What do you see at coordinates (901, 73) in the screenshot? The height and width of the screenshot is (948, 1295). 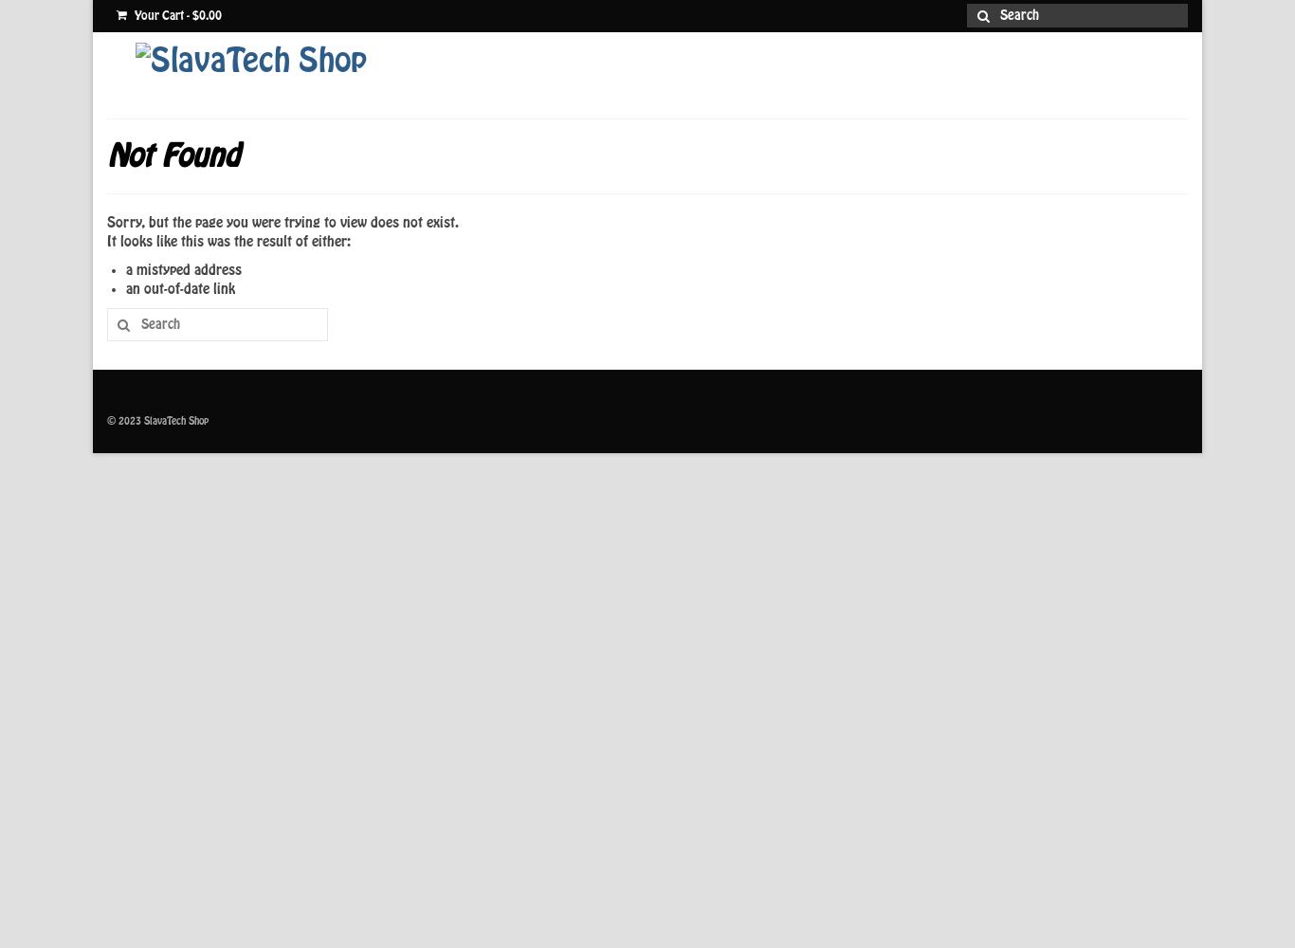 I see `'About Us'` at bounding box center [901, 73].